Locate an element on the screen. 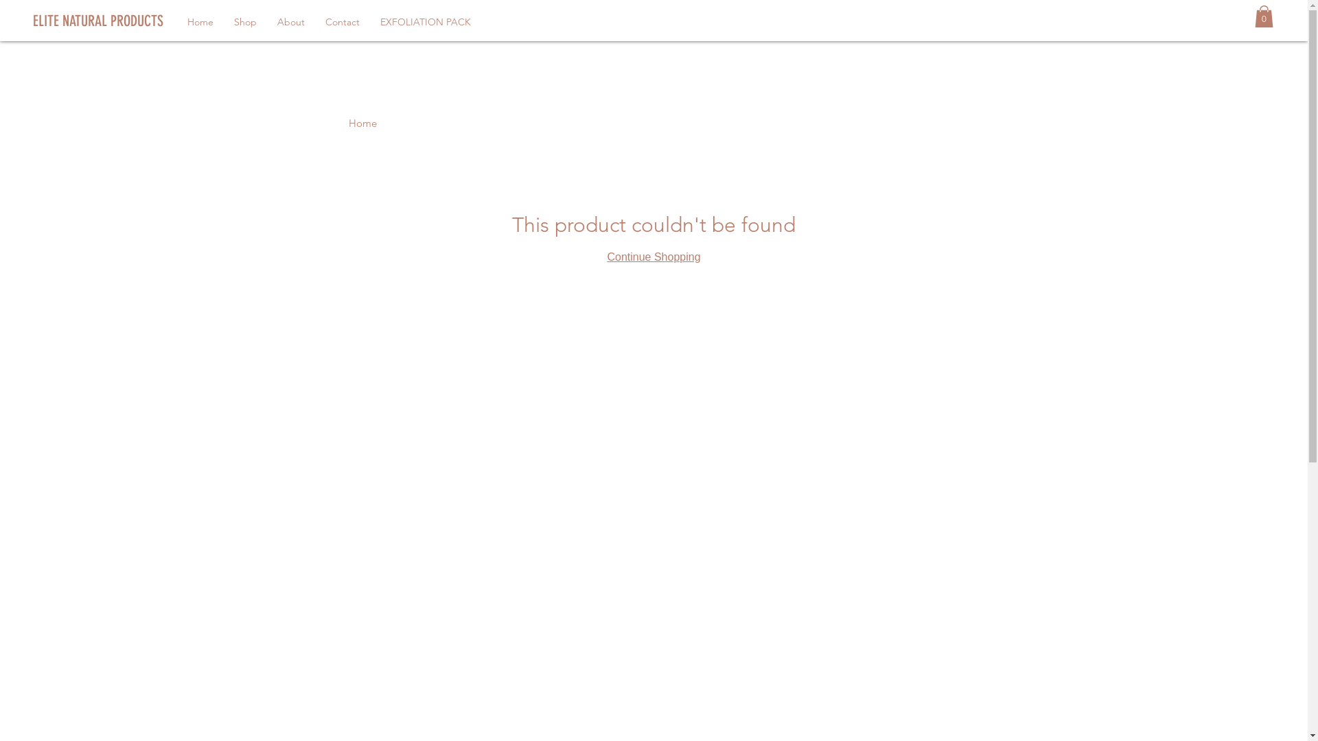 This screenshot has width=1318, height=741. 'Contact' is located at coordinates (314, 21).